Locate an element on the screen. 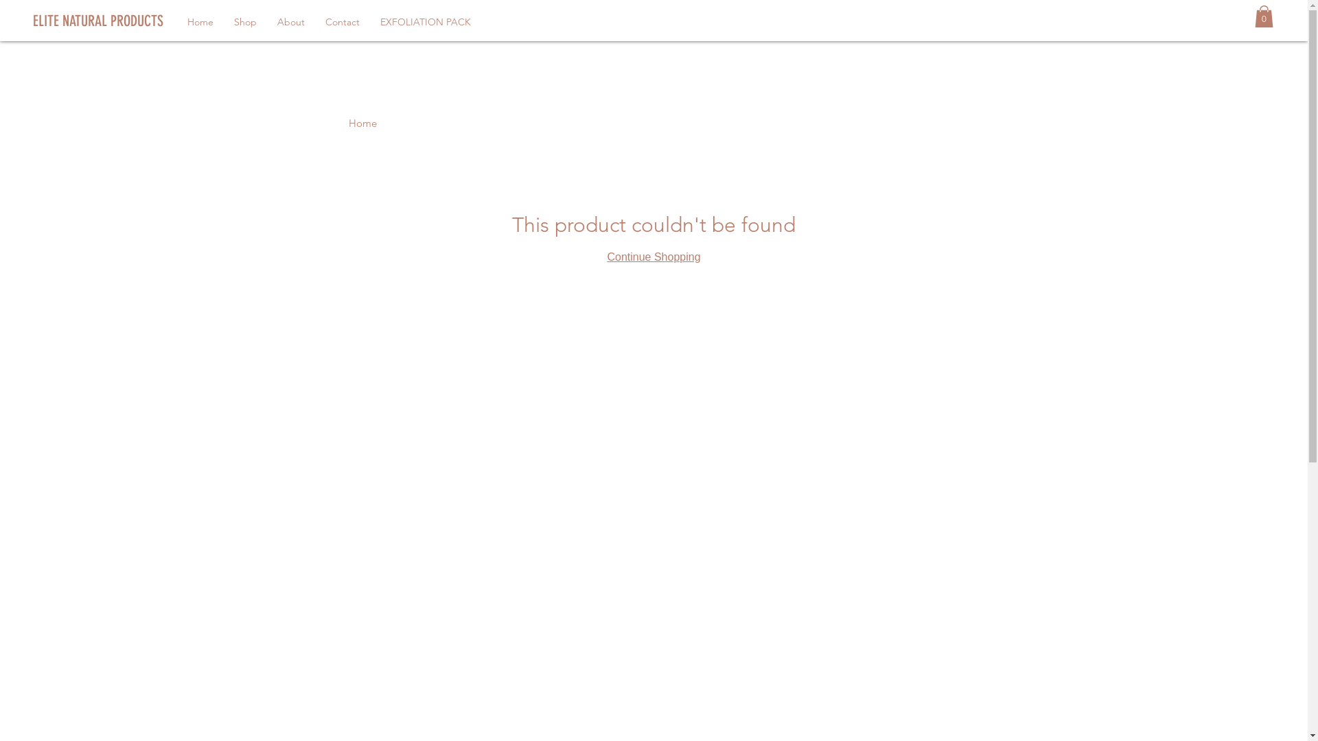 This screenshot has width=1318, height=741. 'Contact' is located at coordinates (314, 21).